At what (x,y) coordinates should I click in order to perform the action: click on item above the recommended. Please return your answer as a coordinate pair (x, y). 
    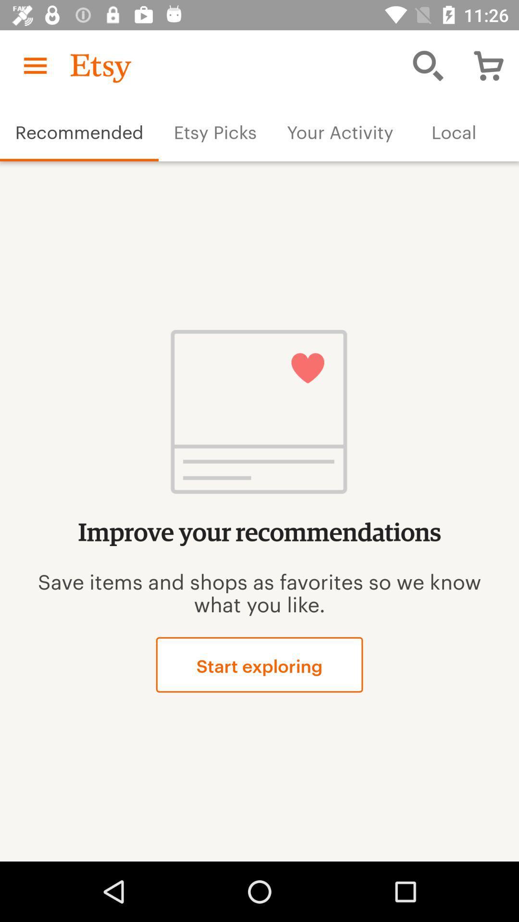
    Looking at the image, I should click on (35, 65).